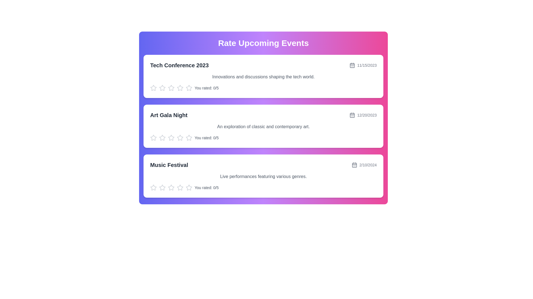 This screenshot has height=299, width=533. Describe the element at coordinates (363, 115) in the screenshot. I see `the non-interactive label displaying the date of the 'Art Gala Night' event, located in the upper-right area of the card, to the right of the event title and description` at that location.